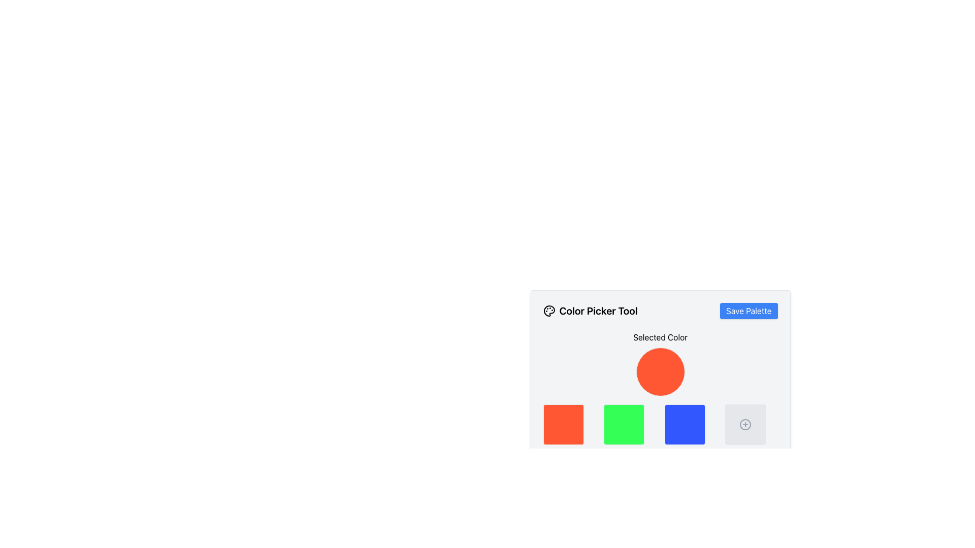 The image size is (975, 548). What do you see at coordinates (623, 425) in the screenshot?
I see `to select the color from the second Selectable Color Box in the color picker tool` at bounding box center [623, 425].